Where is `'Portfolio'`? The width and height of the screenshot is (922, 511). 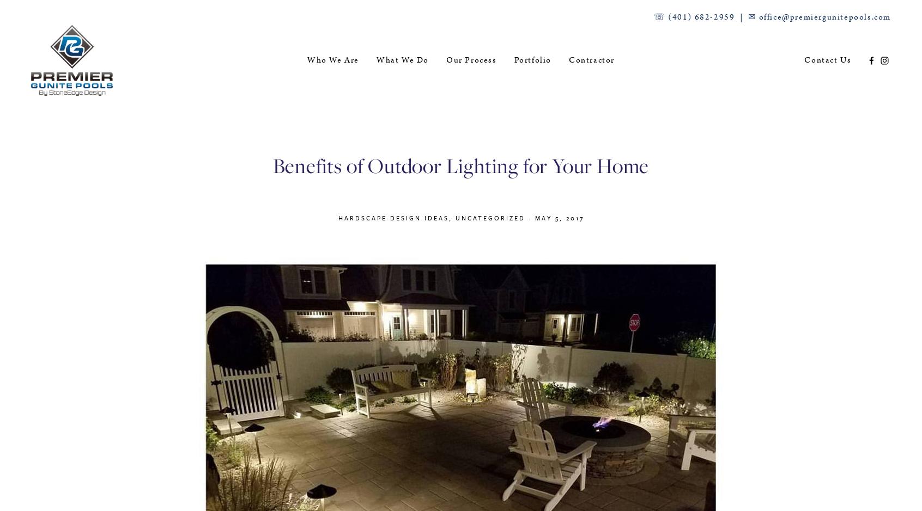
'Portfolio' is located at coordinates (532, 59).